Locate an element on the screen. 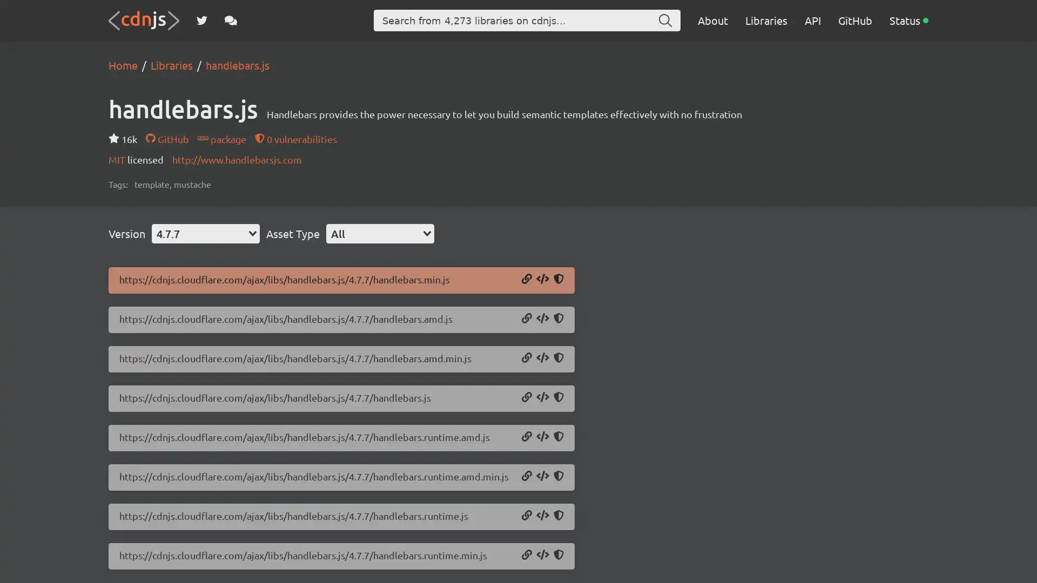 This screenshot has width=1037, height=583. Copy URL is located at coordinates (527, 398).